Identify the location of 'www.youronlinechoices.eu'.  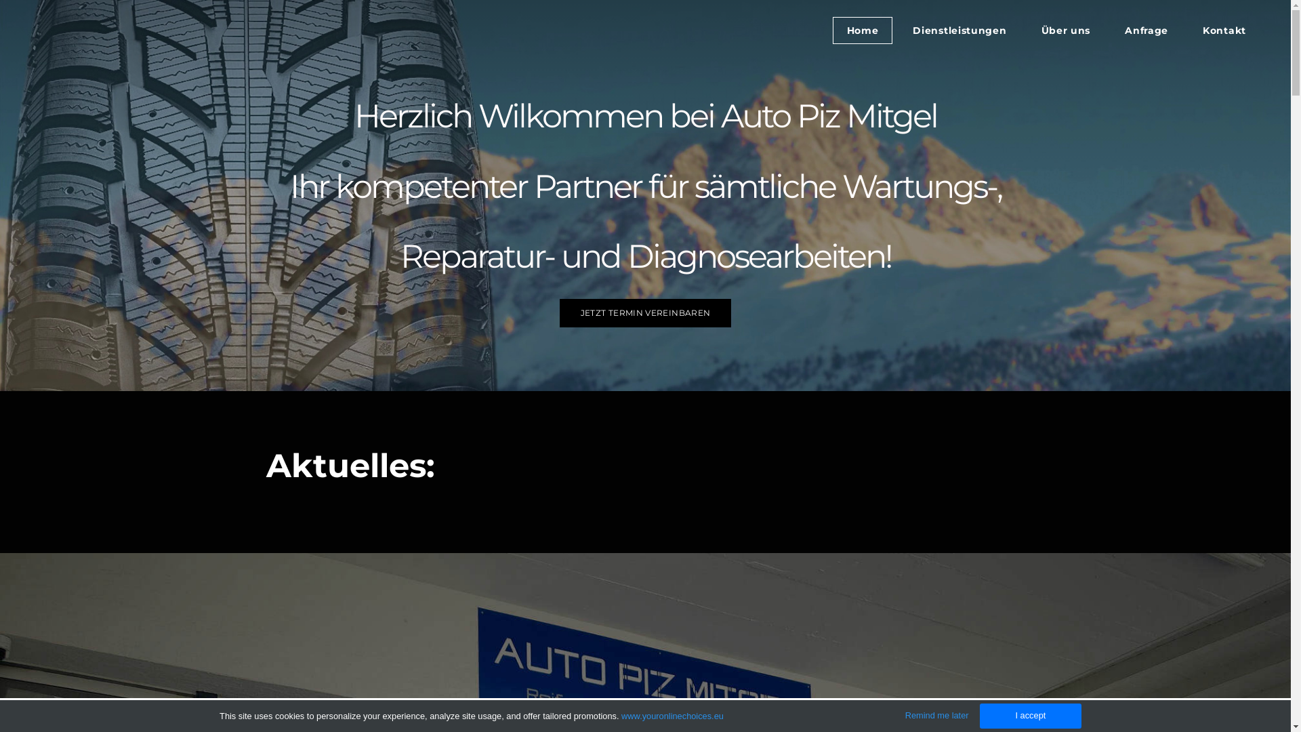
(672, 715).